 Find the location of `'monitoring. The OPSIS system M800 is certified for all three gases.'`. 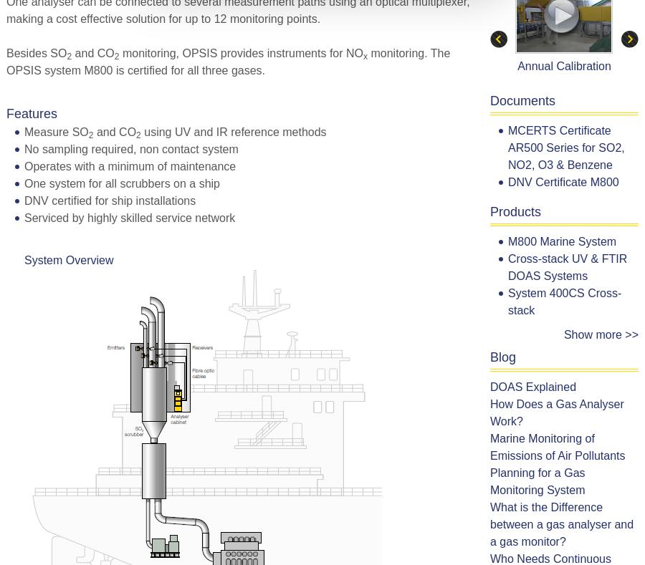

'monitoring. The OPSIS system M800 is certified for all three gases.' is located at coordinates (227, 61).